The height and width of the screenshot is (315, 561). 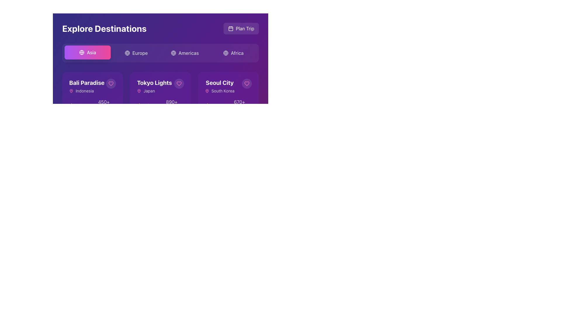 What do you see at coordinates (179, 83) in the screenshot?
I see `the heart-shaped icon with a pink outline within the circular button on the 'Tokyo Lights' card to favorite the associated destination` at bounding box center [179, 83].